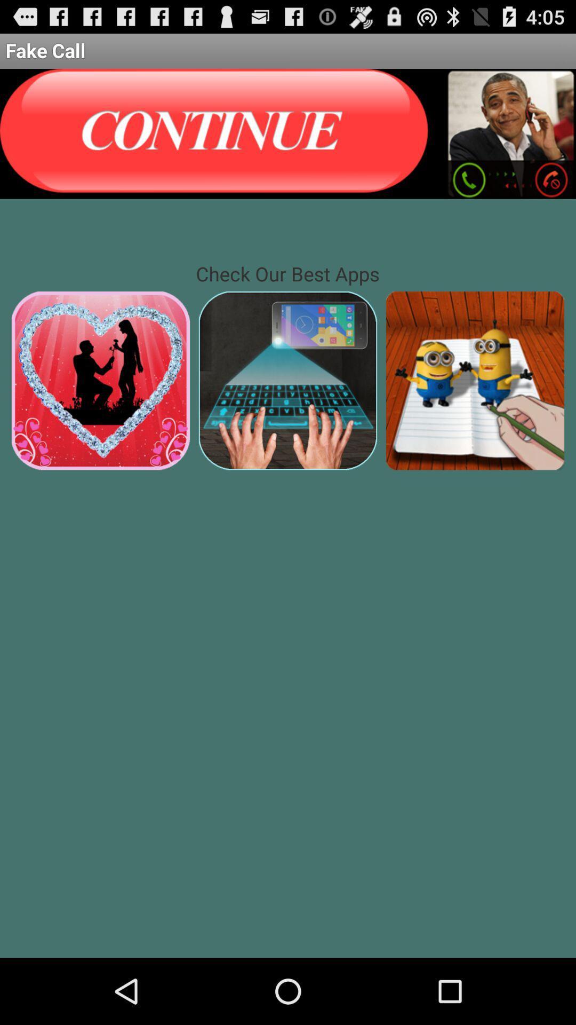  Describe the element at coordinates (288, 381) in the screenshot. I see `keyboard` at that location.